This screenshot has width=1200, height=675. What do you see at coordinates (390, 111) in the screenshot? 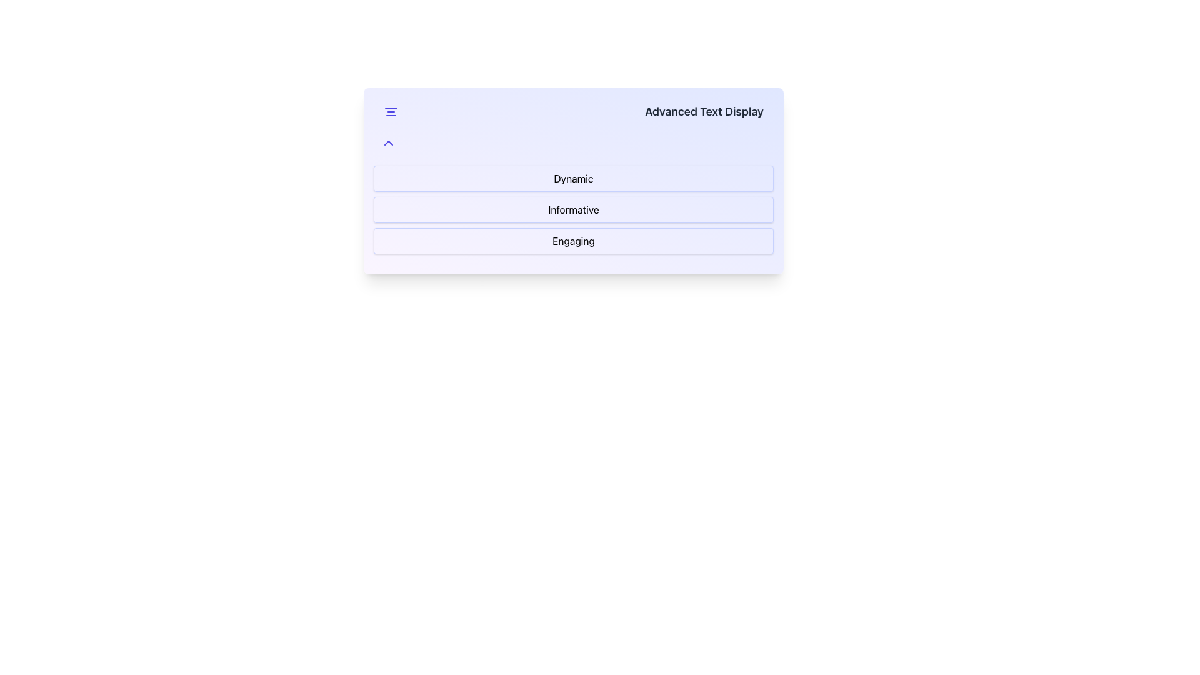
I see `the alignment icon with three horizontal lines styled in blue, located at the left edge of the header bar above the text 'Advanced Text Display'` at bounding box center [390, 111].